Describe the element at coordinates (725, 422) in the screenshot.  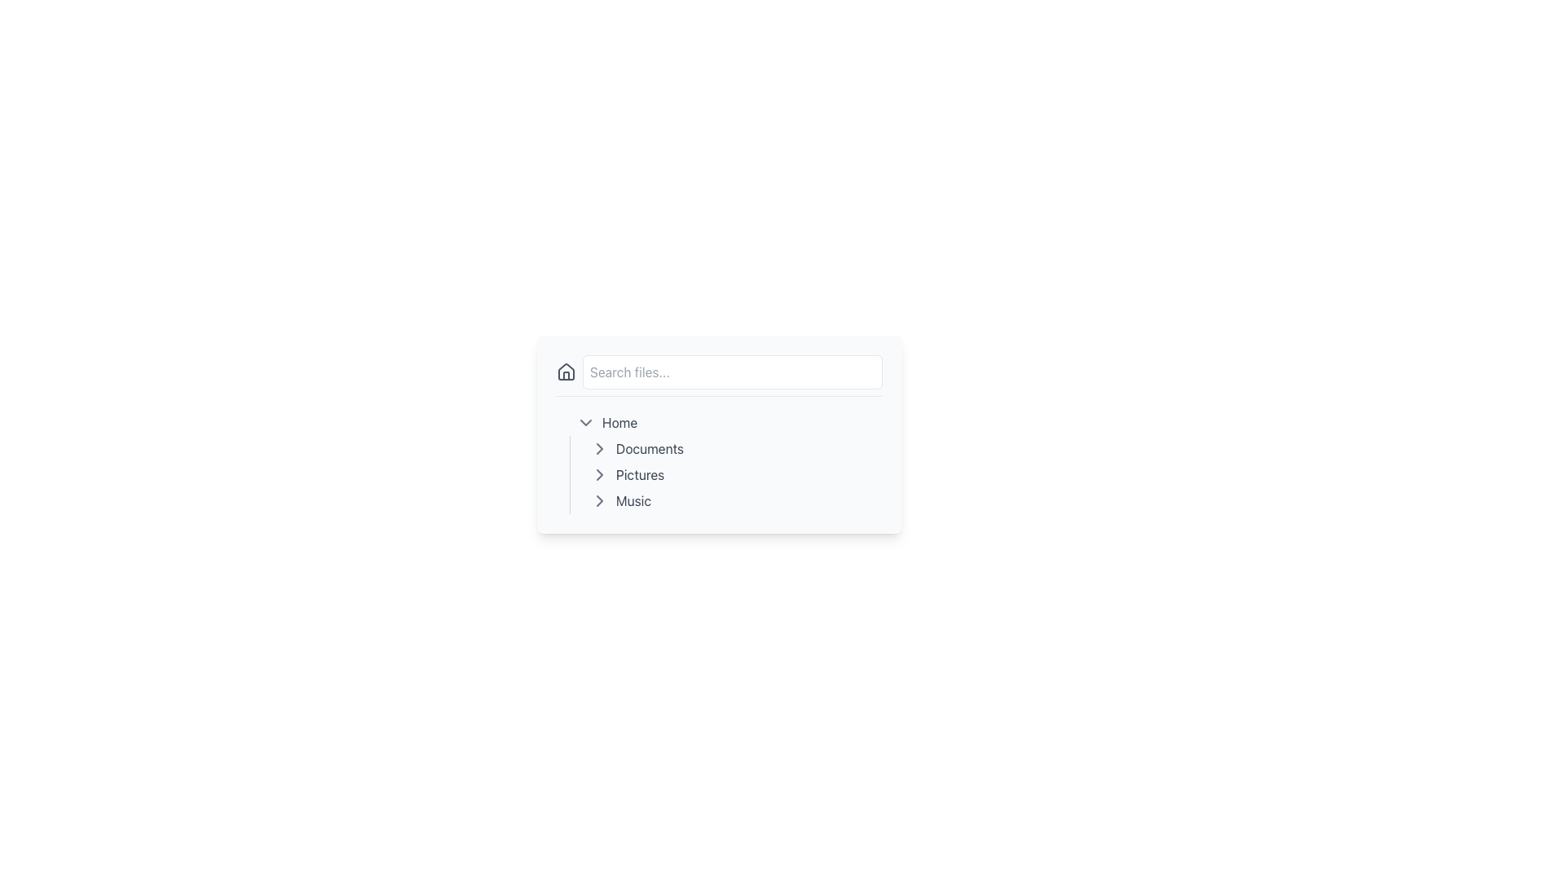
I see `the Interactive List Item labeled 'Home'` at that location.